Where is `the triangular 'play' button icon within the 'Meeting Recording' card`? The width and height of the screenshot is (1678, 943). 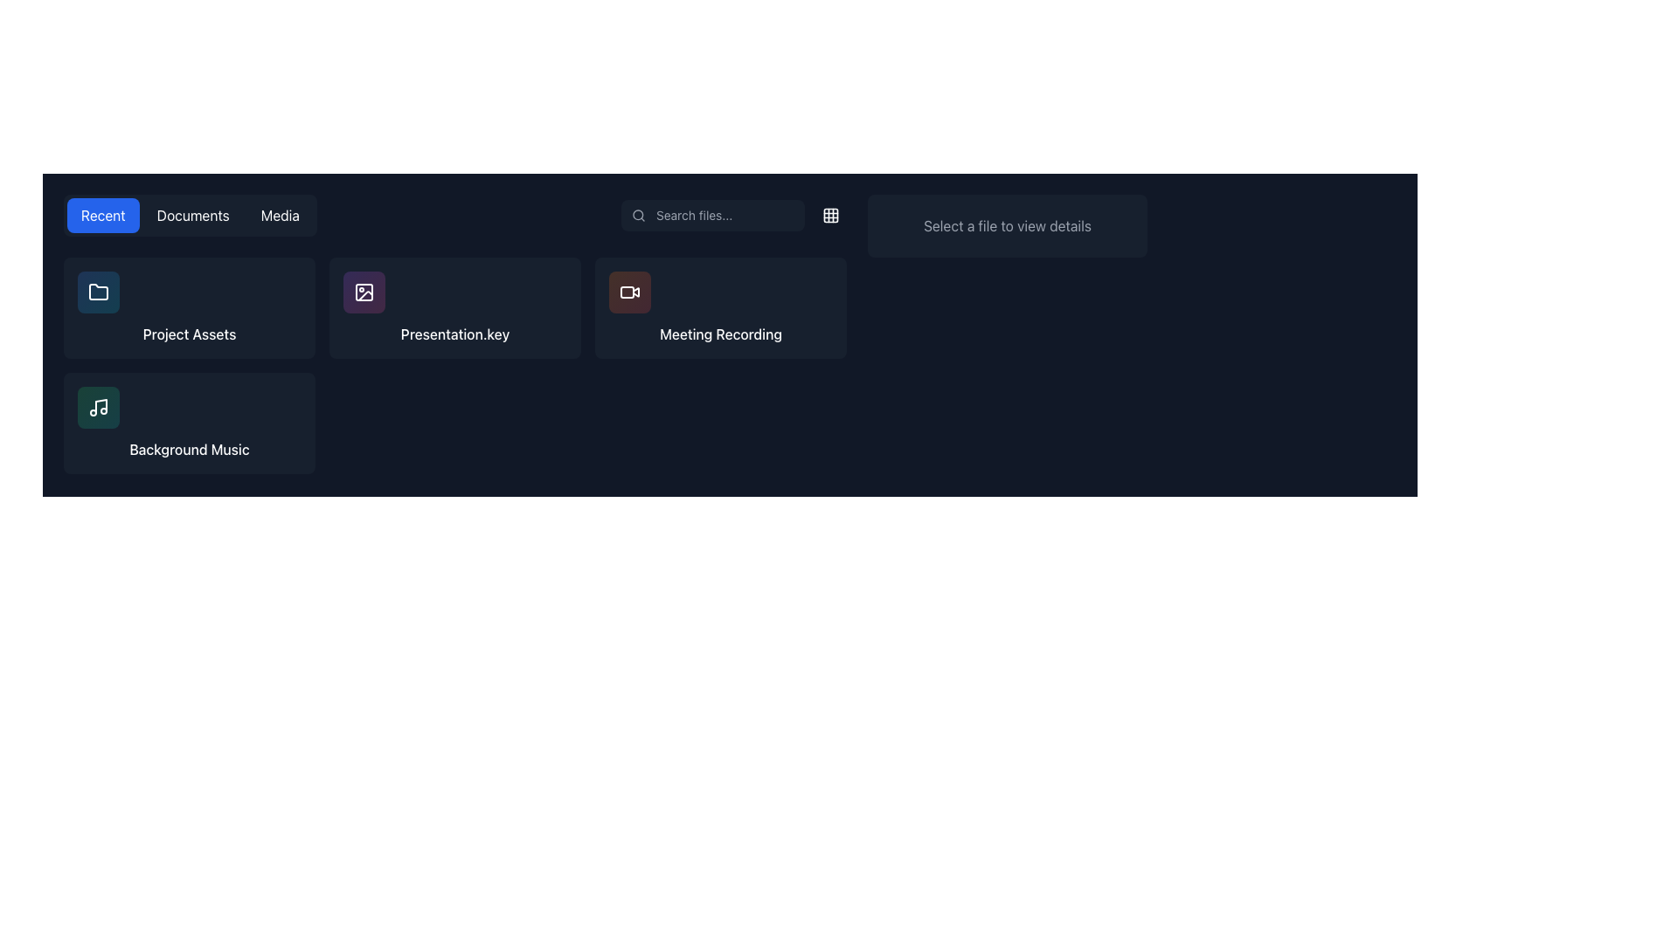 the triangular 'play' button icon within the 'Meeting Recording' card is located at coordinates (635, 291).